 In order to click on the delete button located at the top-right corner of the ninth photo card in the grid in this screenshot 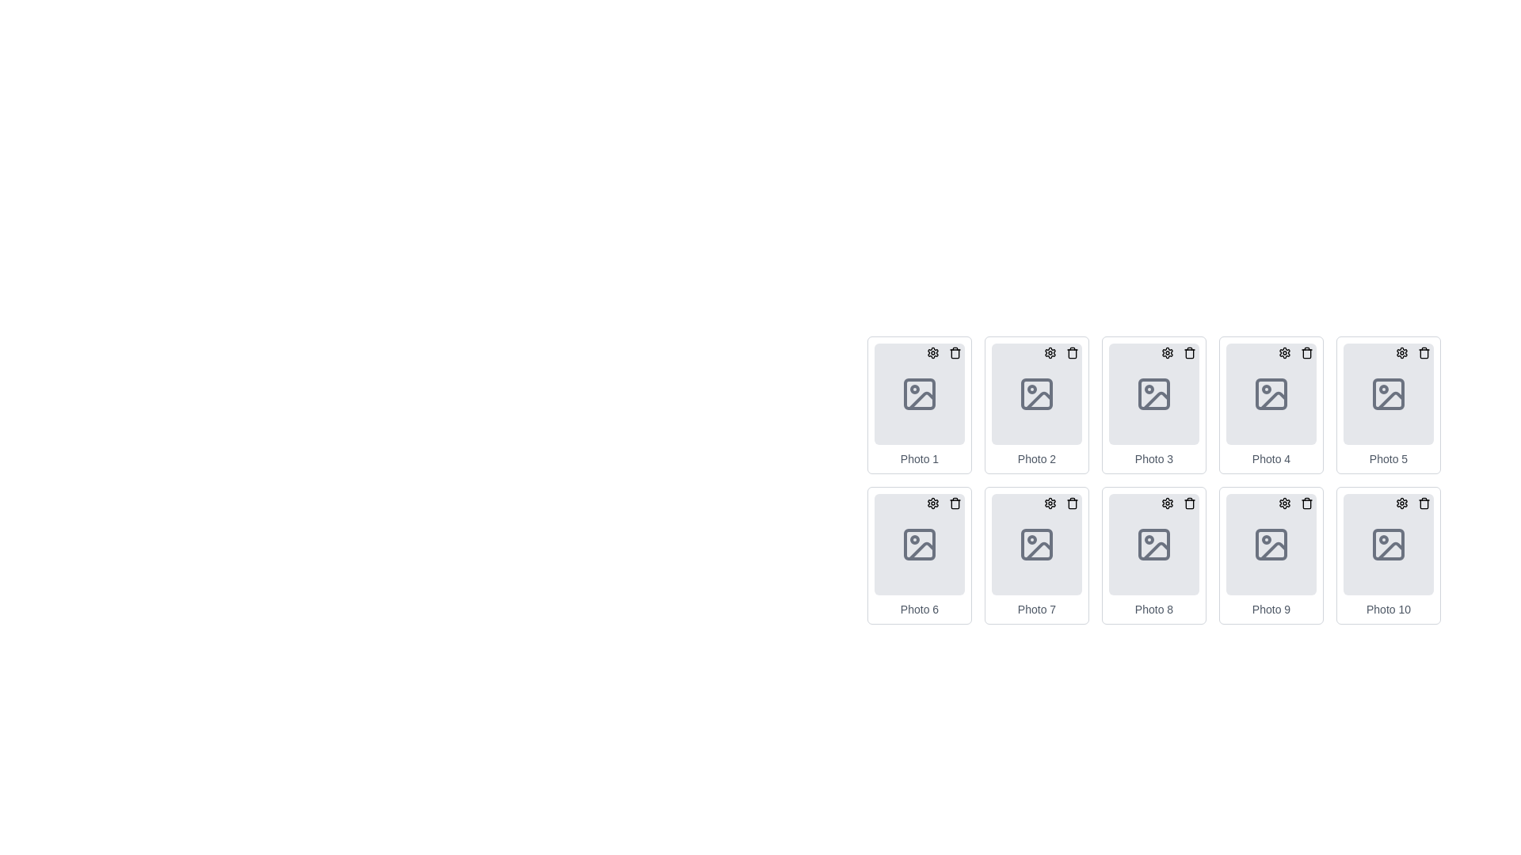, I will do `click(1307, 503)`.